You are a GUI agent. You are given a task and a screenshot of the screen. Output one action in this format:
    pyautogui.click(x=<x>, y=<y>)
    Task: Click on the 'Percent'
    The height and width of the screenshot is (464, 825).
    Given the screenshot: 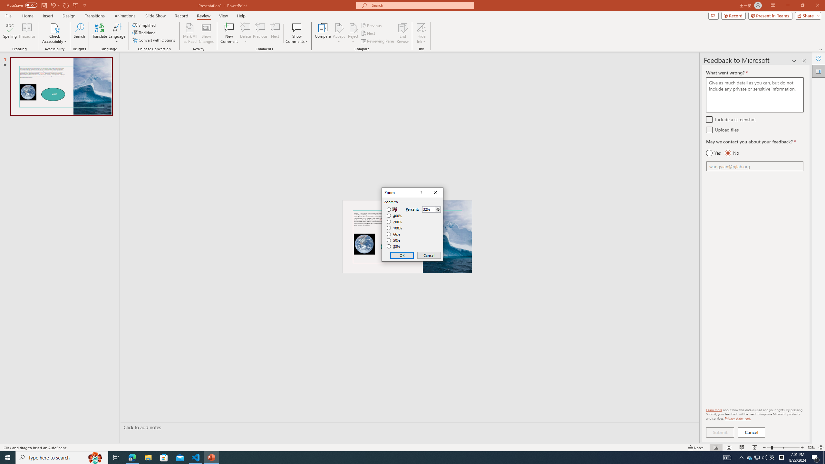 What is the action you would take?
    pyautogui.click(x=432, y=209)
    